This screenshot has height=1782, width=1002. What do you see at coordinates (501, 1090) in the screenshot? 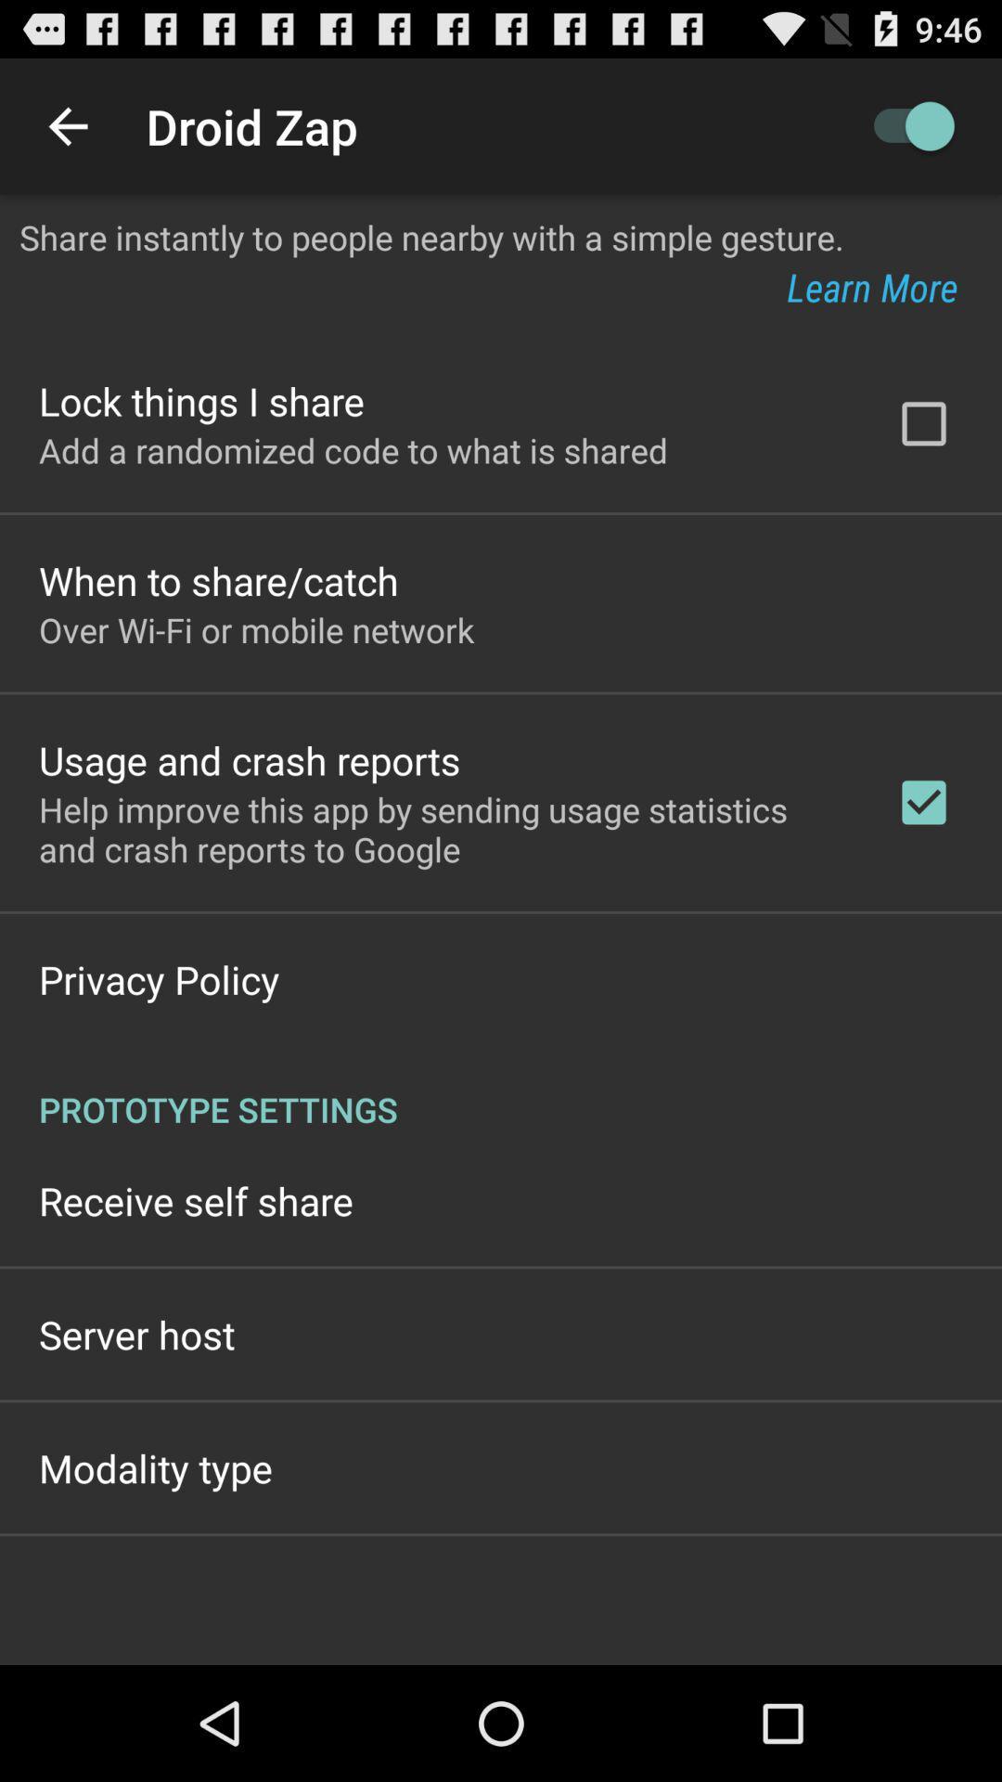
I see `prototype settings` at bounding box center [501, 1090].